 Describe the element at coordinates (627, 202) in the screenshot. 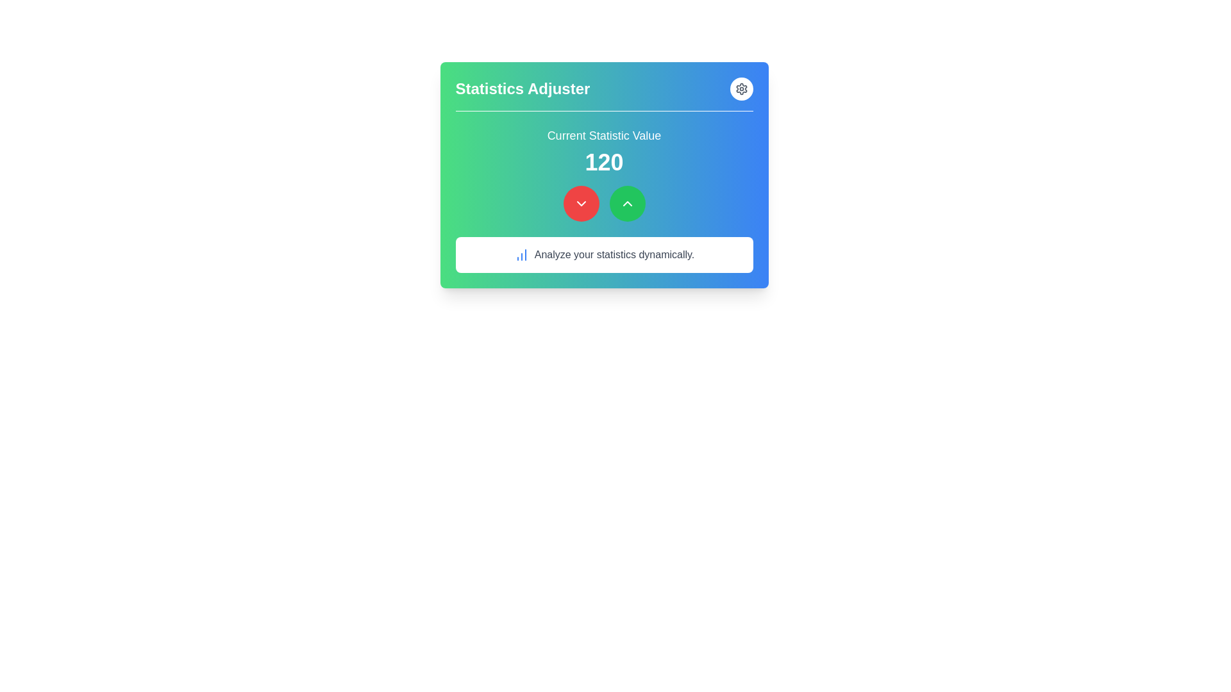

I see `the circular green button with an upward-facing chevron icon to increment the value` at that location.